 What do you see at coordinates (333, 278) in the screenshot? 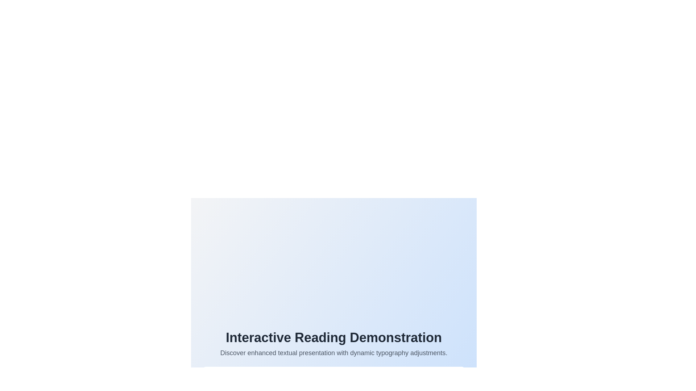
I see `the informational section with the title 'Interactive Reading Demonstration' to potentially reveal additional information` at bounding box center [333, 278].